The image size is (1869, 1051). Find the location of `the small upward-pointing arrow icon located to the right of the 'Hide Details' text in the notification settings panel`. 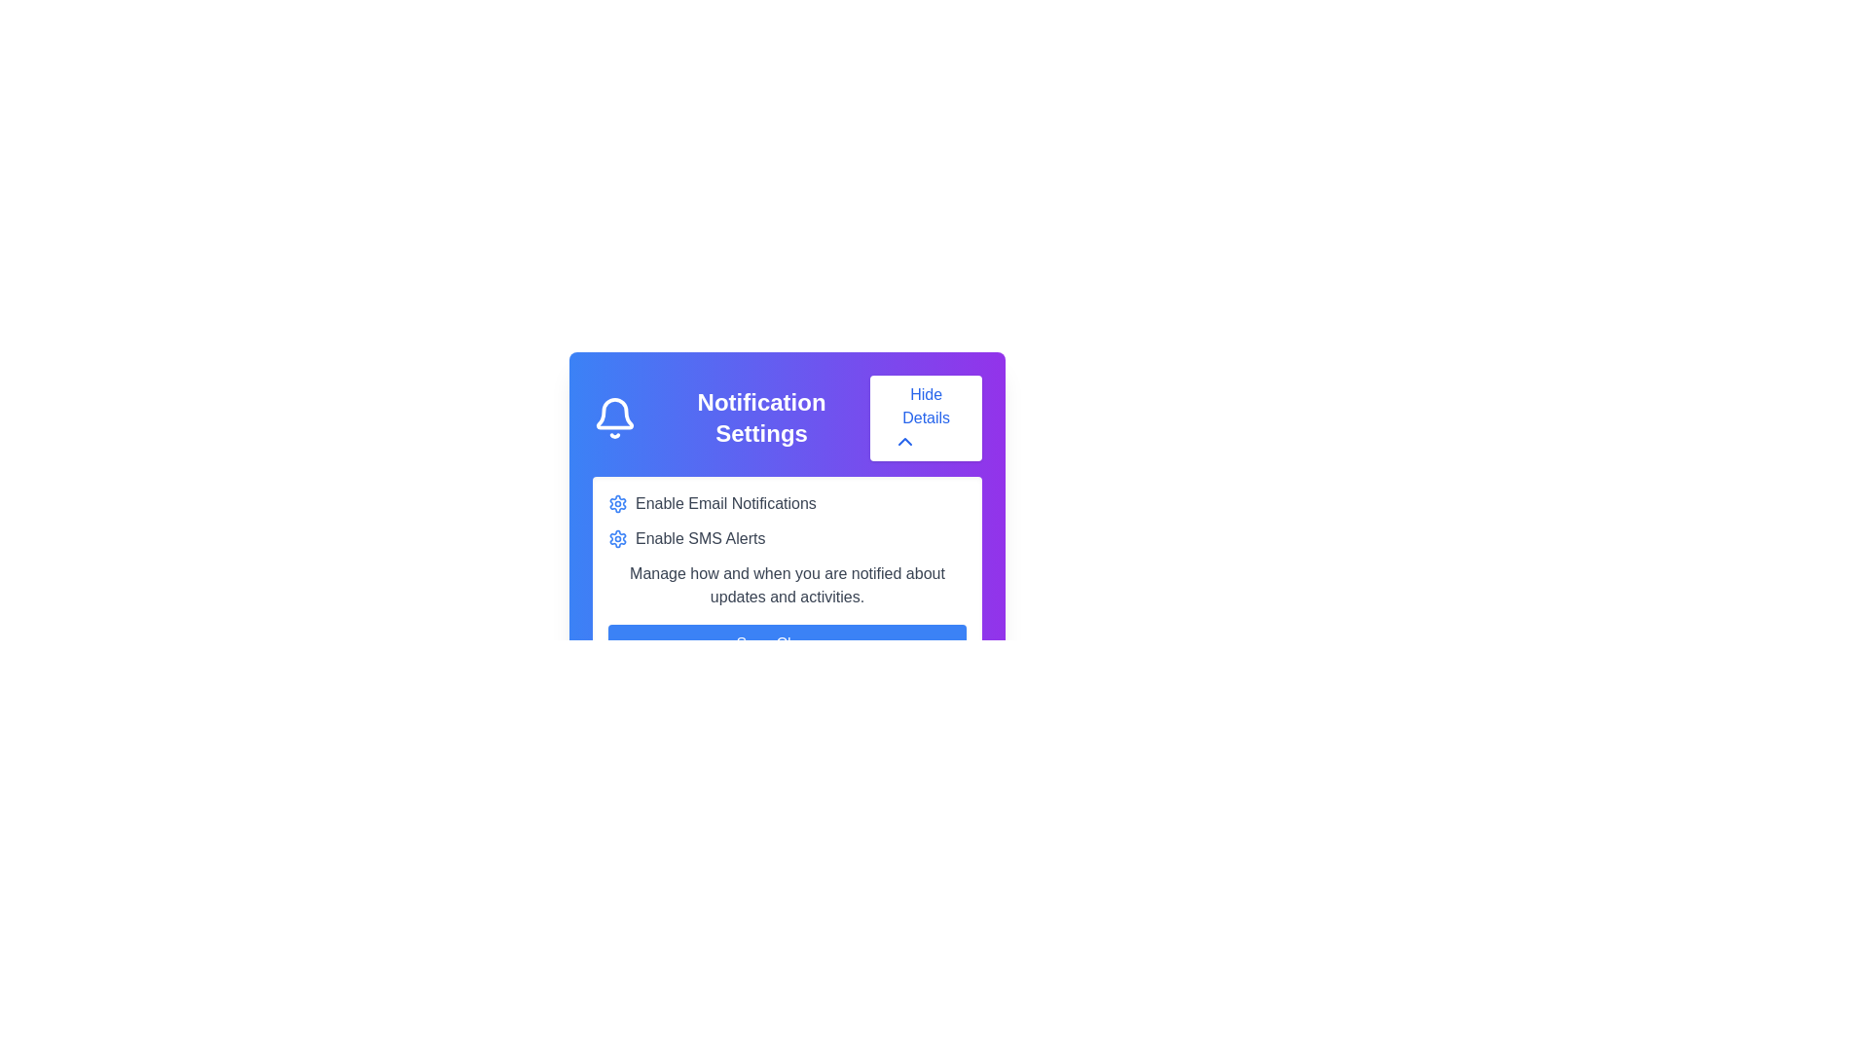

the small upward-pointing arrow icon located to the right of the 'Hide Details' text in the notification settings panel is located at coordinates (904, 442).